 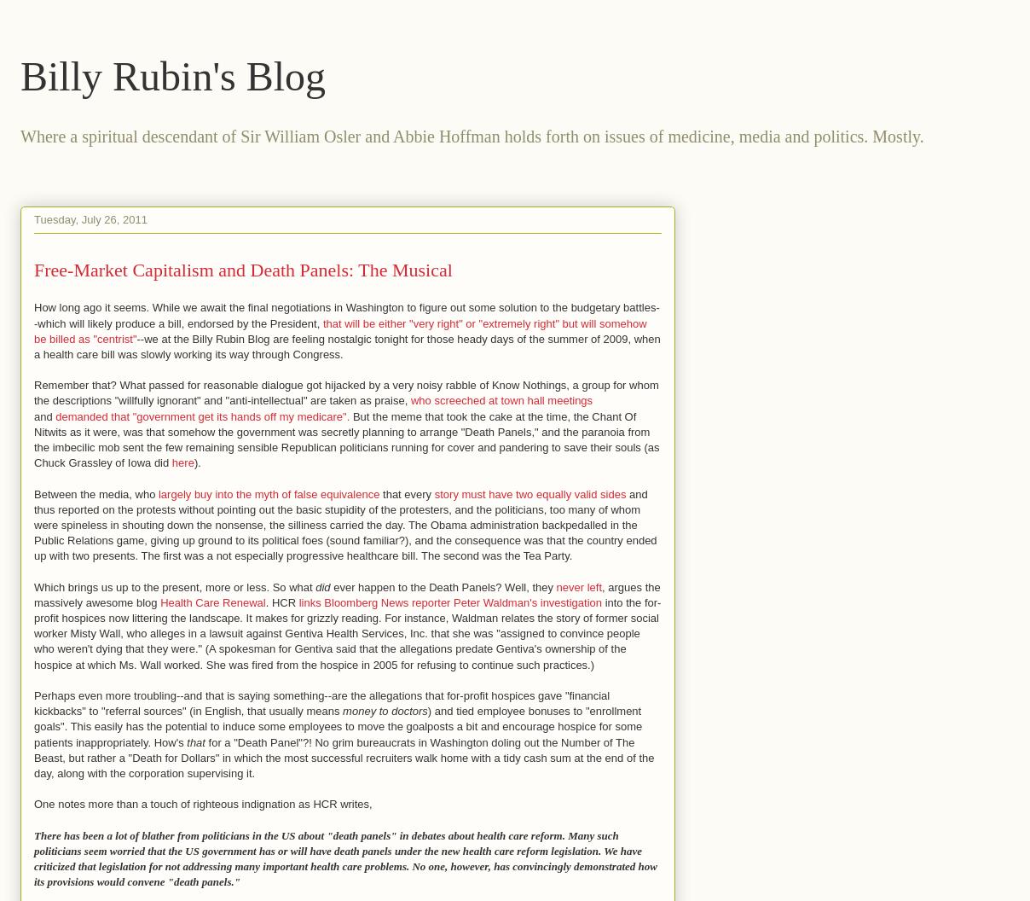 I want to click on 'One notes more than a touch of righteous indignation as HCR writes,', so click(x=202, y=804).